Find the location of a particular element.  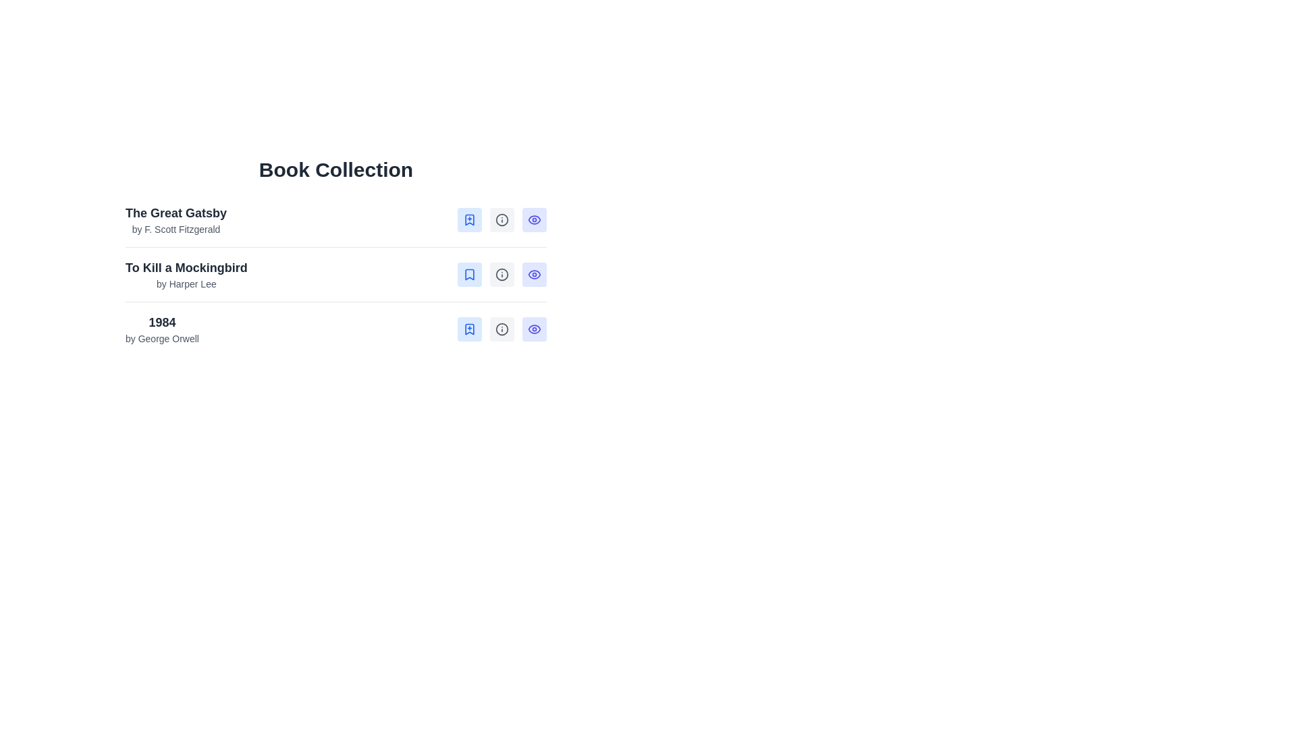

the circular outline component of the 'info' icon button in the third row of the 'Book Collection' list for the book titled '1984' is located at coordinates (502, 329).